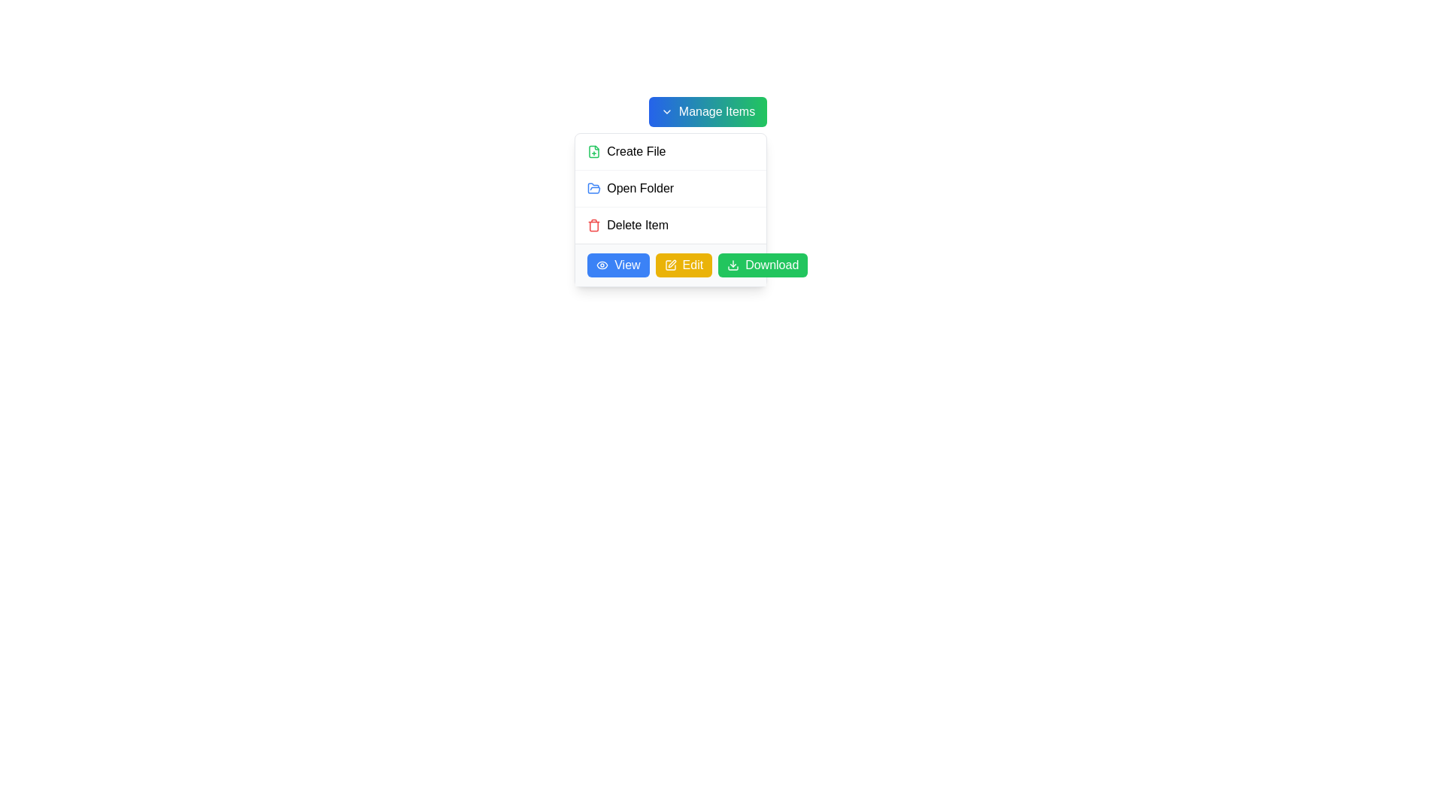 The image size is (1444, 812). What do you see at coordinates (593, 187) in the screenshot?
I see `the icon that represents the action 'Open Folder', located directly to the left of the 'Open Folder' text in the top center section of the interface` at bounding box center [593, 187].